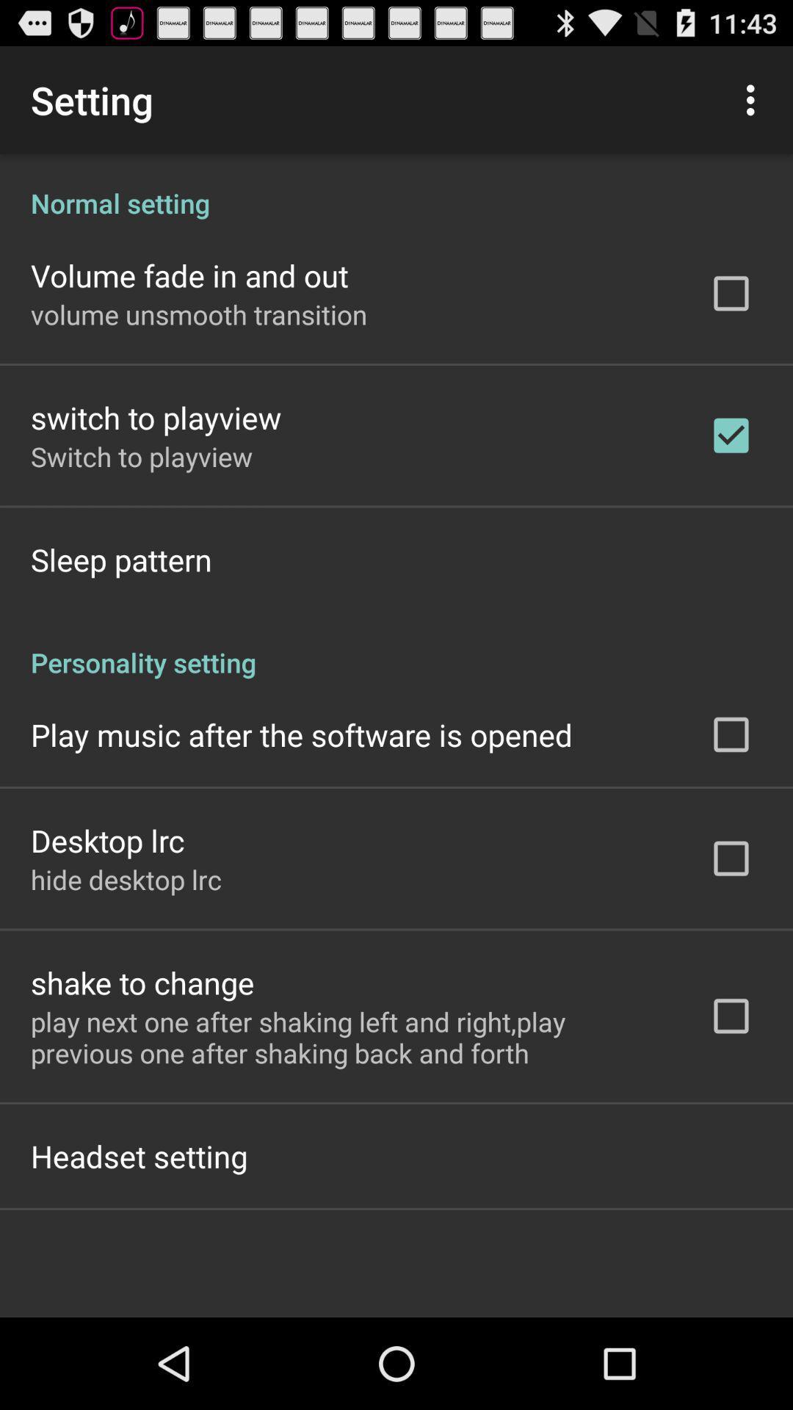 This screenshot has height=1410, width=793. Describe the element at coordinates (754, 99) in the screenshot. I see `icon above the normal setting` at that location.